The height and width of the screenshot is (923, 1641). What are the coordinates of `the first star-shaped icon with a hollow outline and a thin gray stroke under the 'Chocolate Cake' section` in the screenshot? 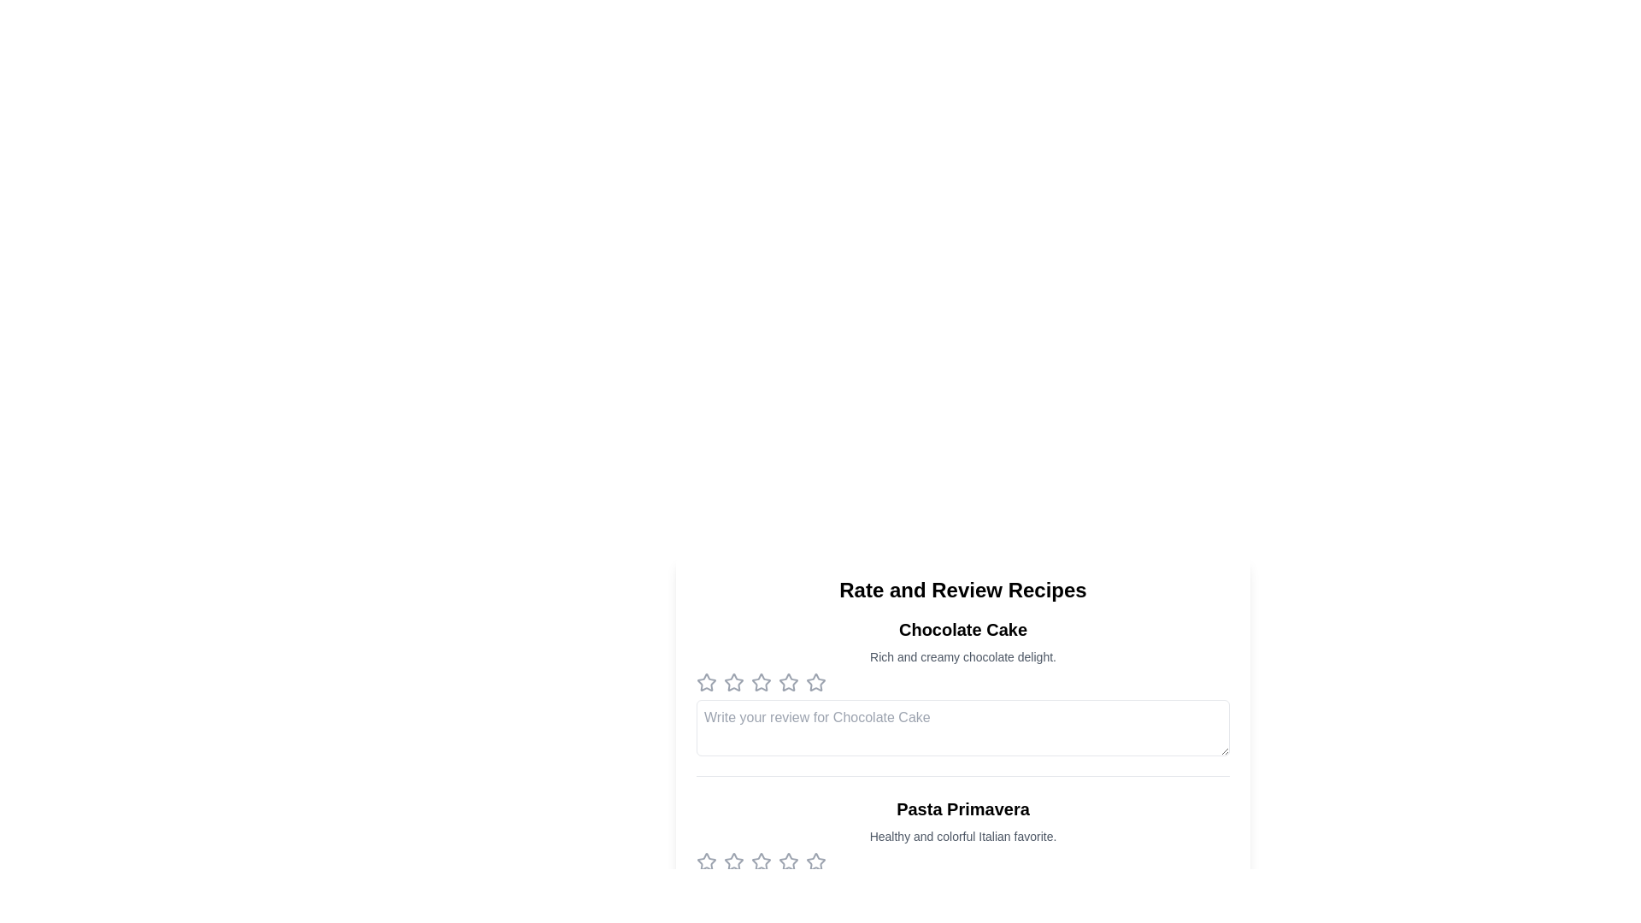 It's located at (706, 681).